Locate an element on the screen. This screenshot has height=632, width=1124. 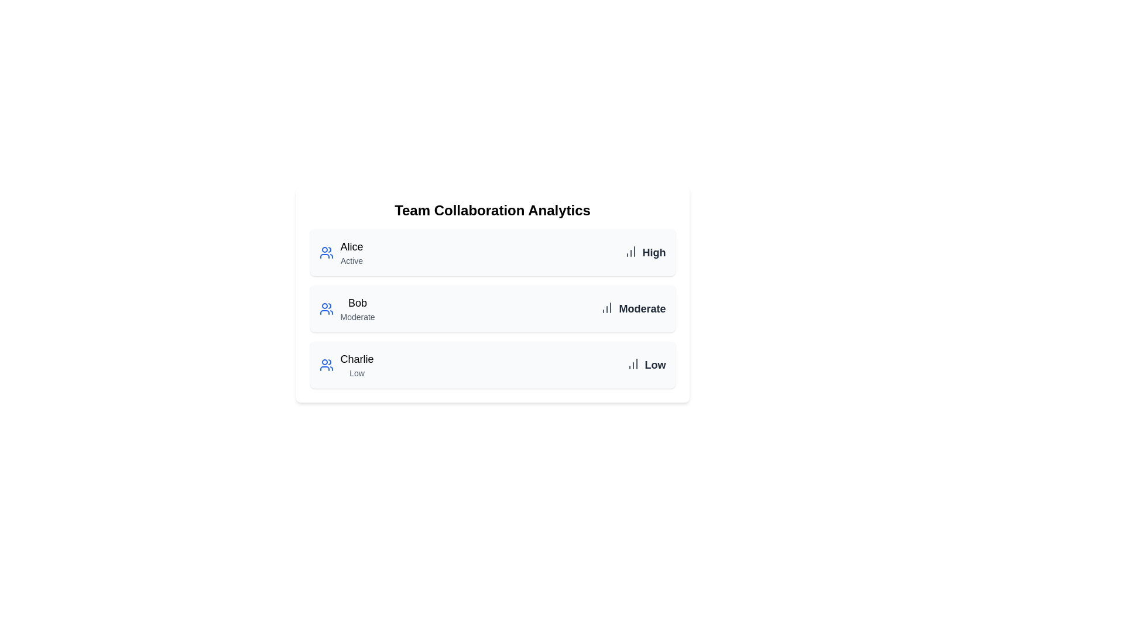
the user item Charlie from the list is located at coordinates (345, 365).